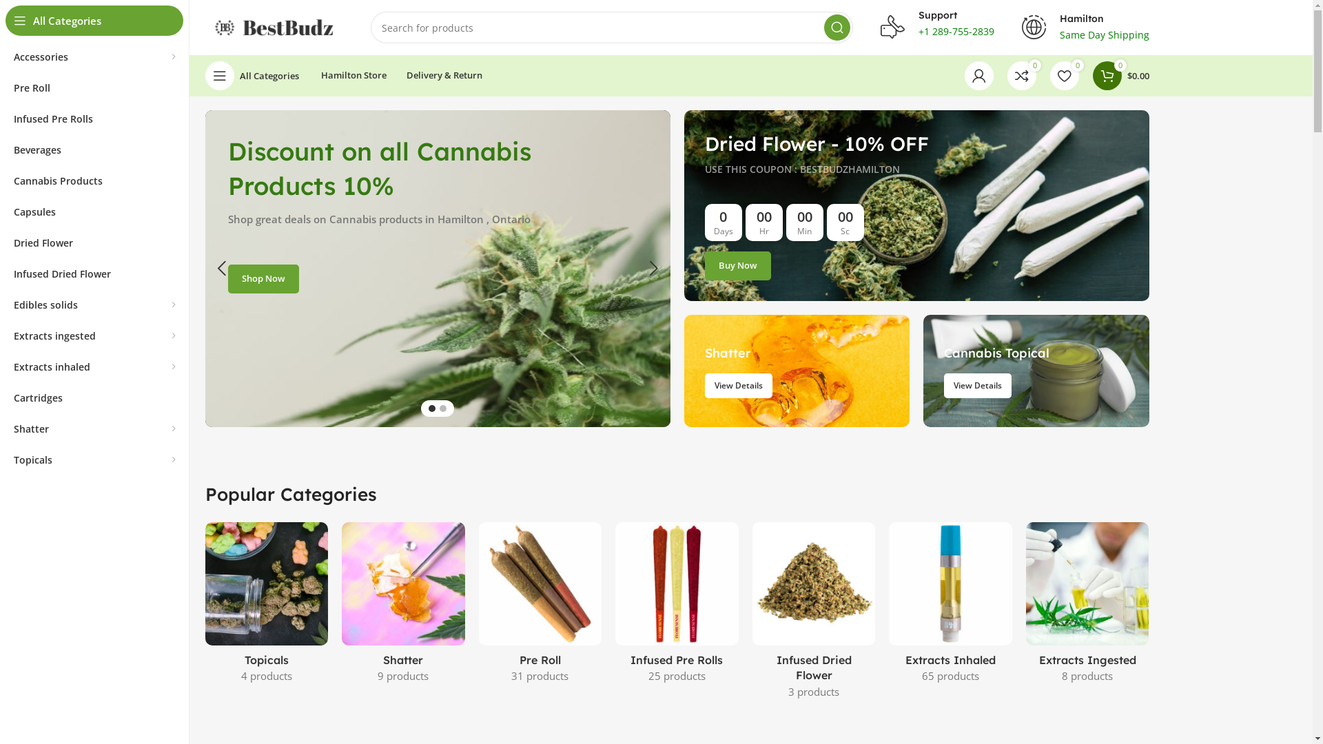  Describe the element at coordinates (94, 366) in the screenshot. I see `'Extracts inhaled'` at that location.